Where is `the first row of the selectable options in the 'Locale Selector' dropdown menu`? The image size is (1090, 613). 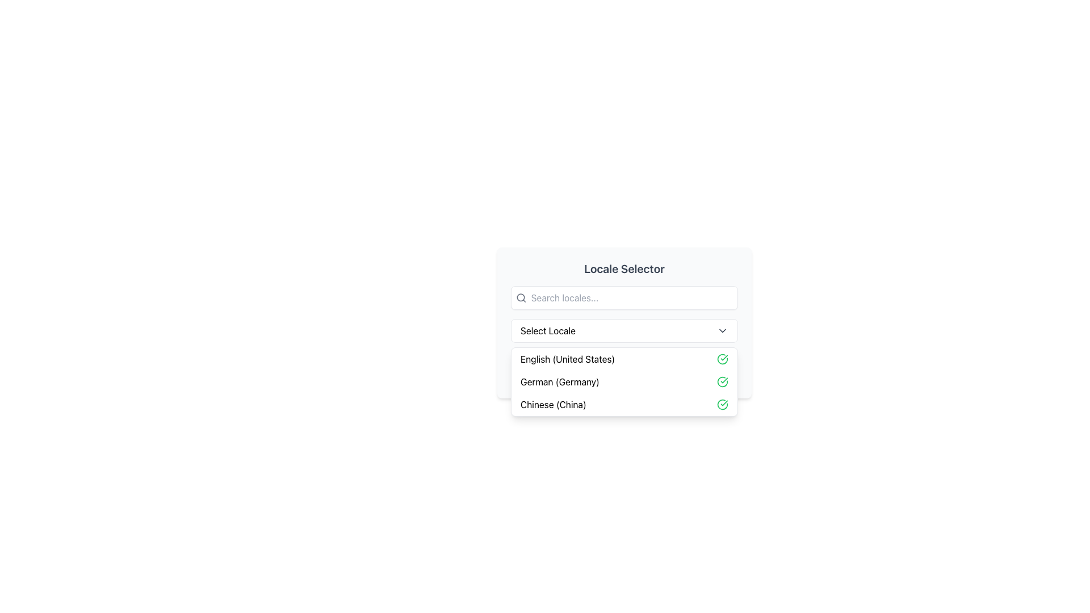 the first row of the selectable options in the 'Locale Selector' dropdown menu is located at coordinates (623, 359).